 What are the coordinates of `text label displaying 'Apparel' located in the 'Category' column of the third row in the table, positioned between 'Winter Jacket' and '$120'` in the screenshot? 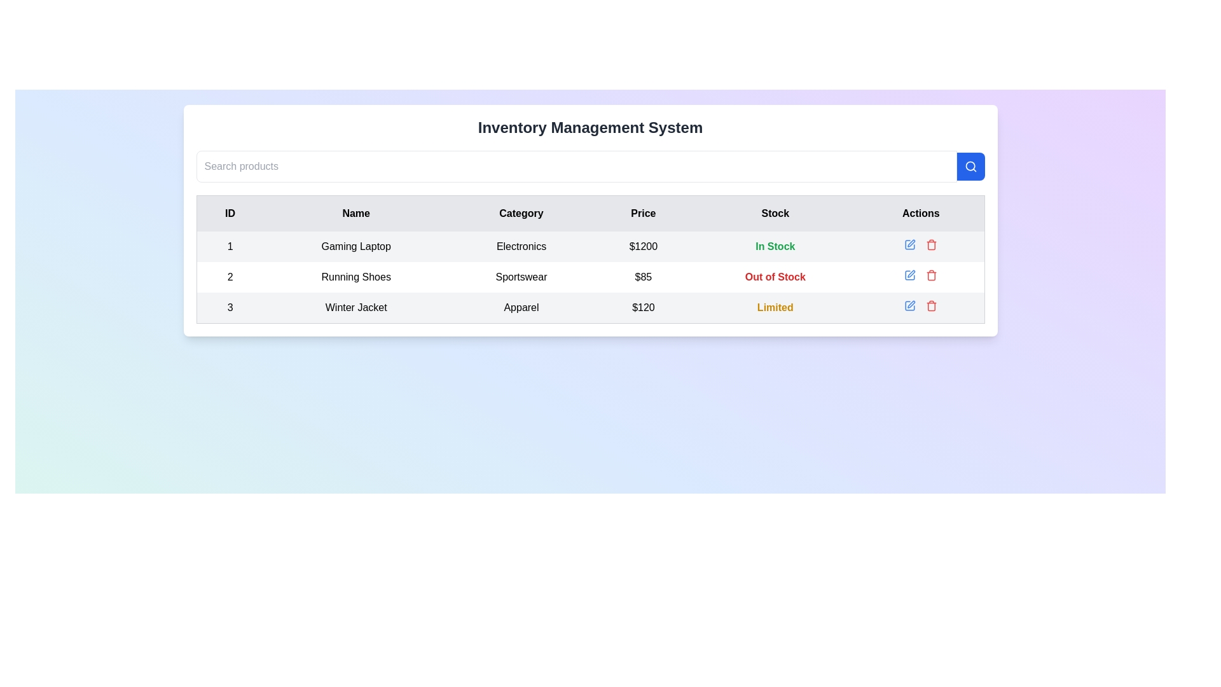 It's located at (521, 307).